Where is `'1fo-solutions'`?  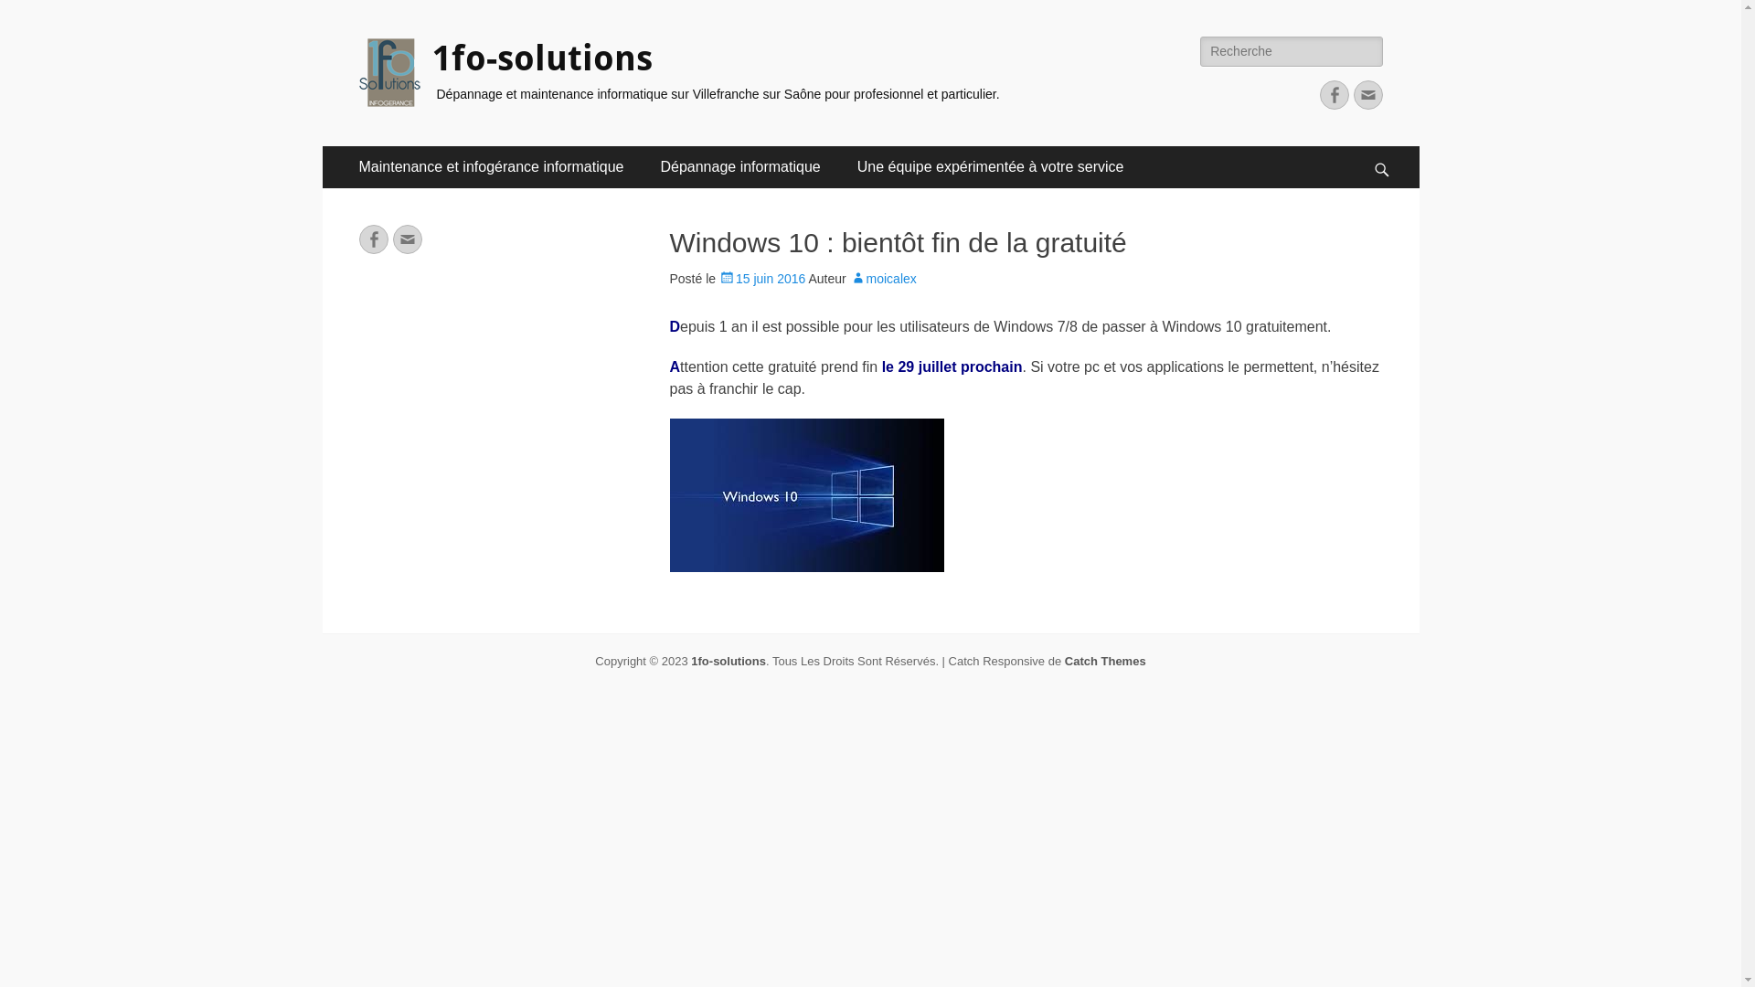
'1fo-solutions' is located at coordinates (540, 58).